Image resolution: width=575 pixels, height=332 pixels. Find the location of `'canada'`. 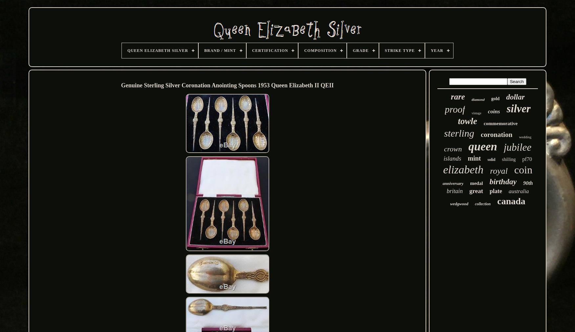

'canada' is located at coordinates (497, 201).